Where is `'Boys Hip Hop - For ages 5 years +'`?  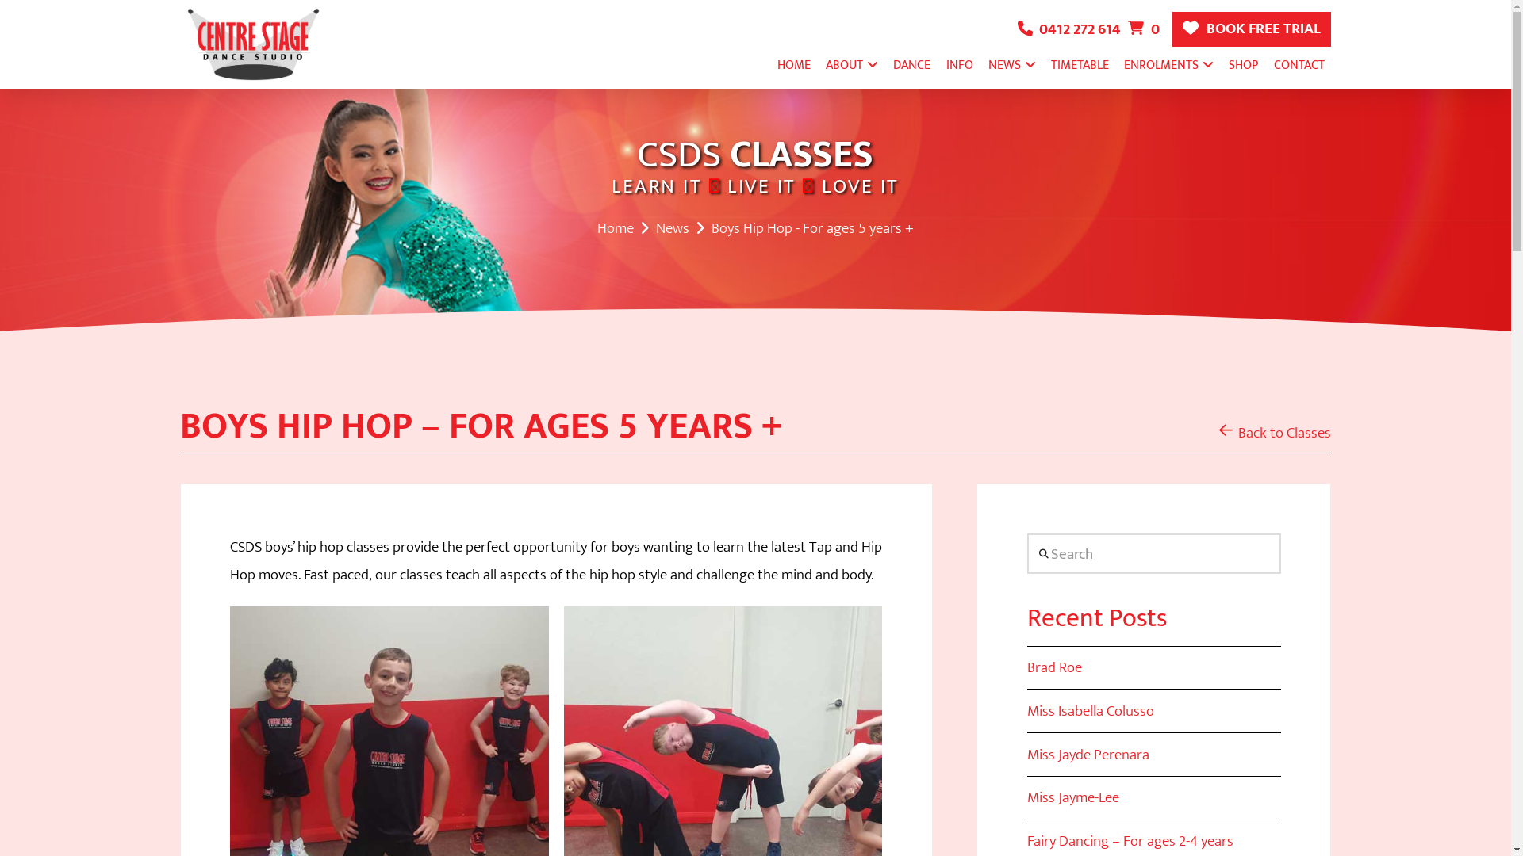 'Boys Hip Hop - For ages 5 years +' is located at coordinates (812, 228).